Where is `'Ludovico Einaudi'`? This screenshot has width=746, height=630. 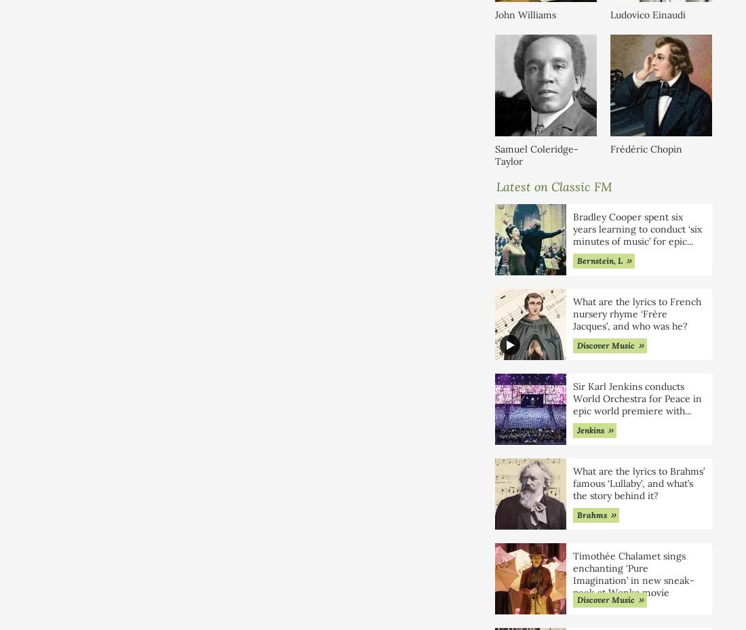
'Ludovico Einaudi' is located at coordinates (648, 13).